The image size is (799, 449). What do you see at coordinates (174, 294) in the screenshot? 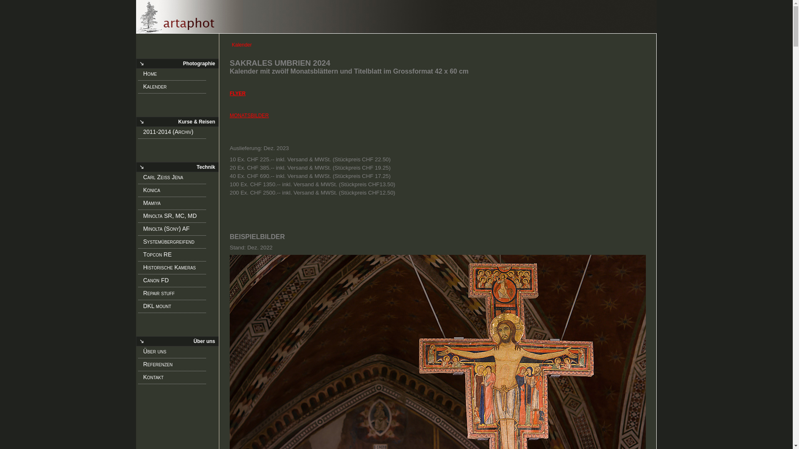
I see `'Repair stuff'` at bounding box center [174, 294].